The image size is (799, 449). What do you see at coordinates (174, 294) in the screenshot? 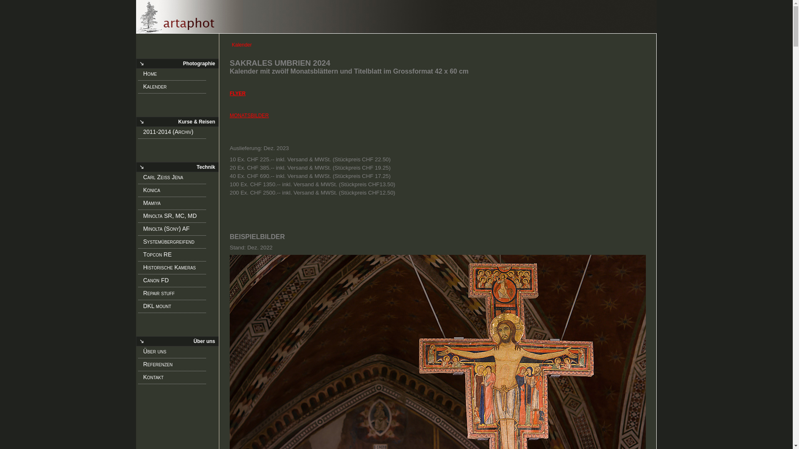
I see `'Repair stuff'` at bounding box center [174, 294].